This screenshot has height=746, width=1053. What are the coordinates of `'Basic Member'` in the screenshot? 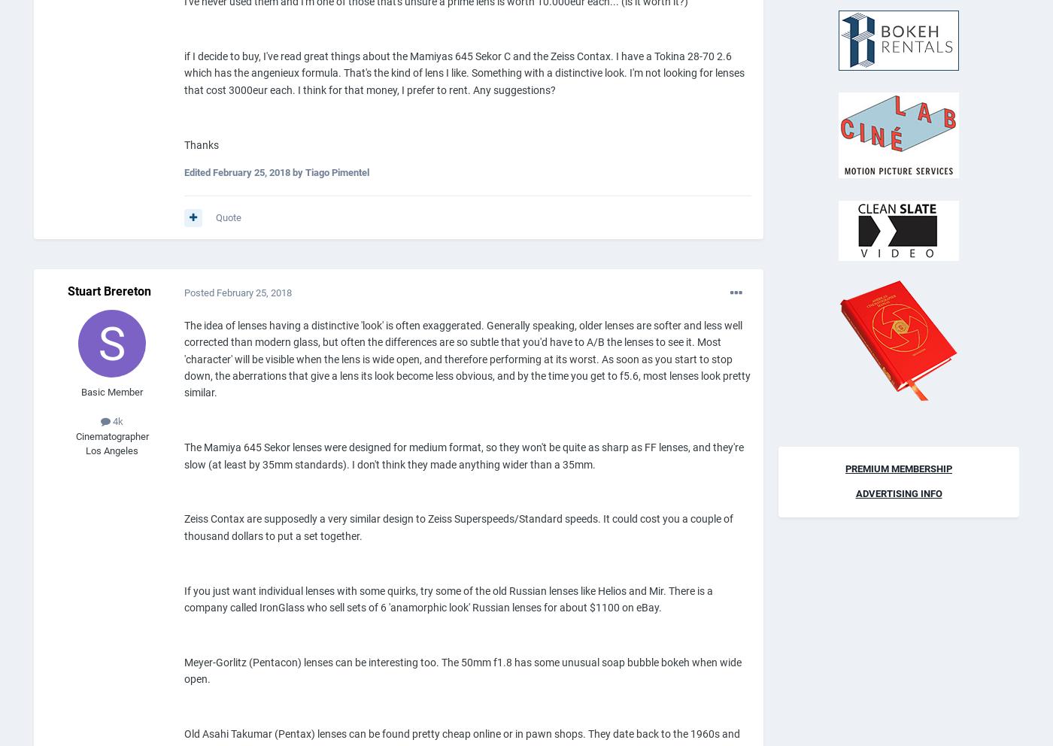 It's located at (111, 390).